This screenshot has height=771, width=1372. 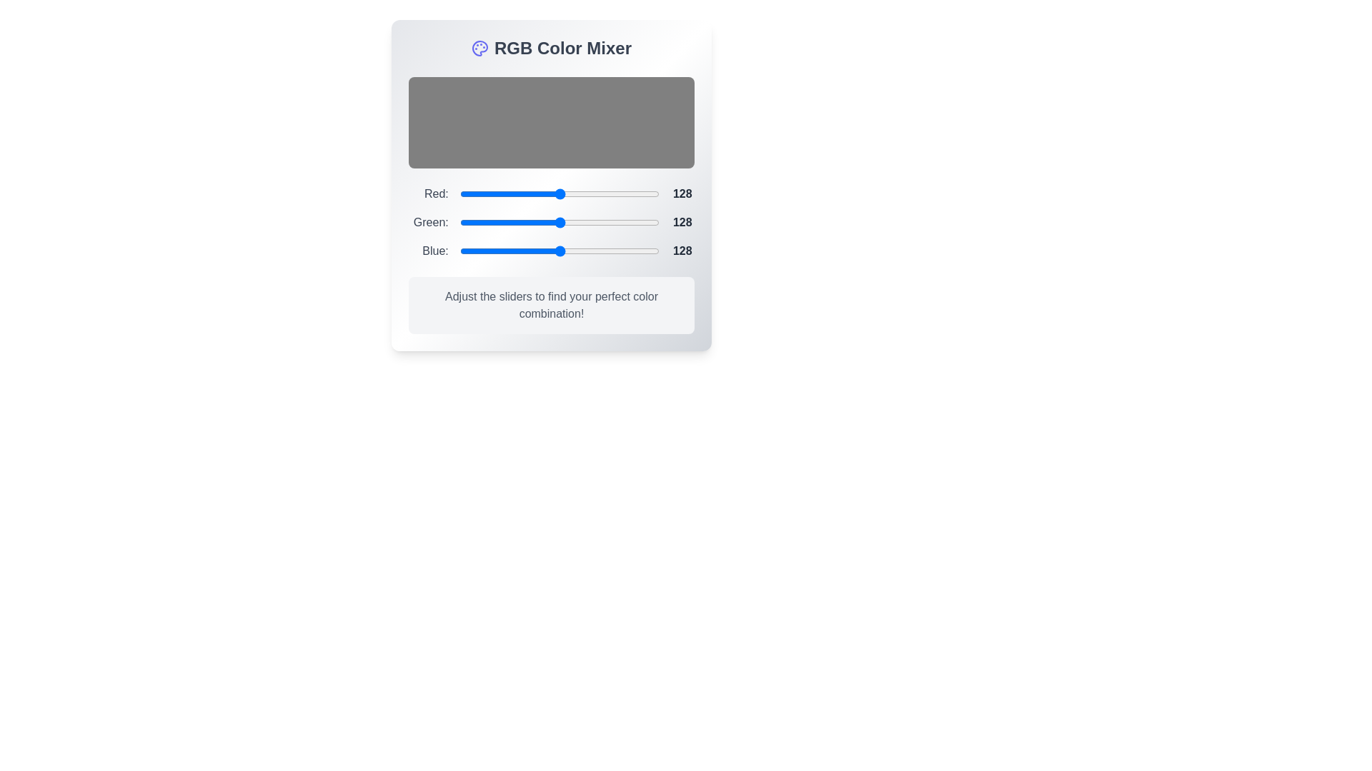 What do you see at coordinates (612, 223) in the screenshot?
I see `the 1 slider to a value of 136` at bounding box center [612, 223].